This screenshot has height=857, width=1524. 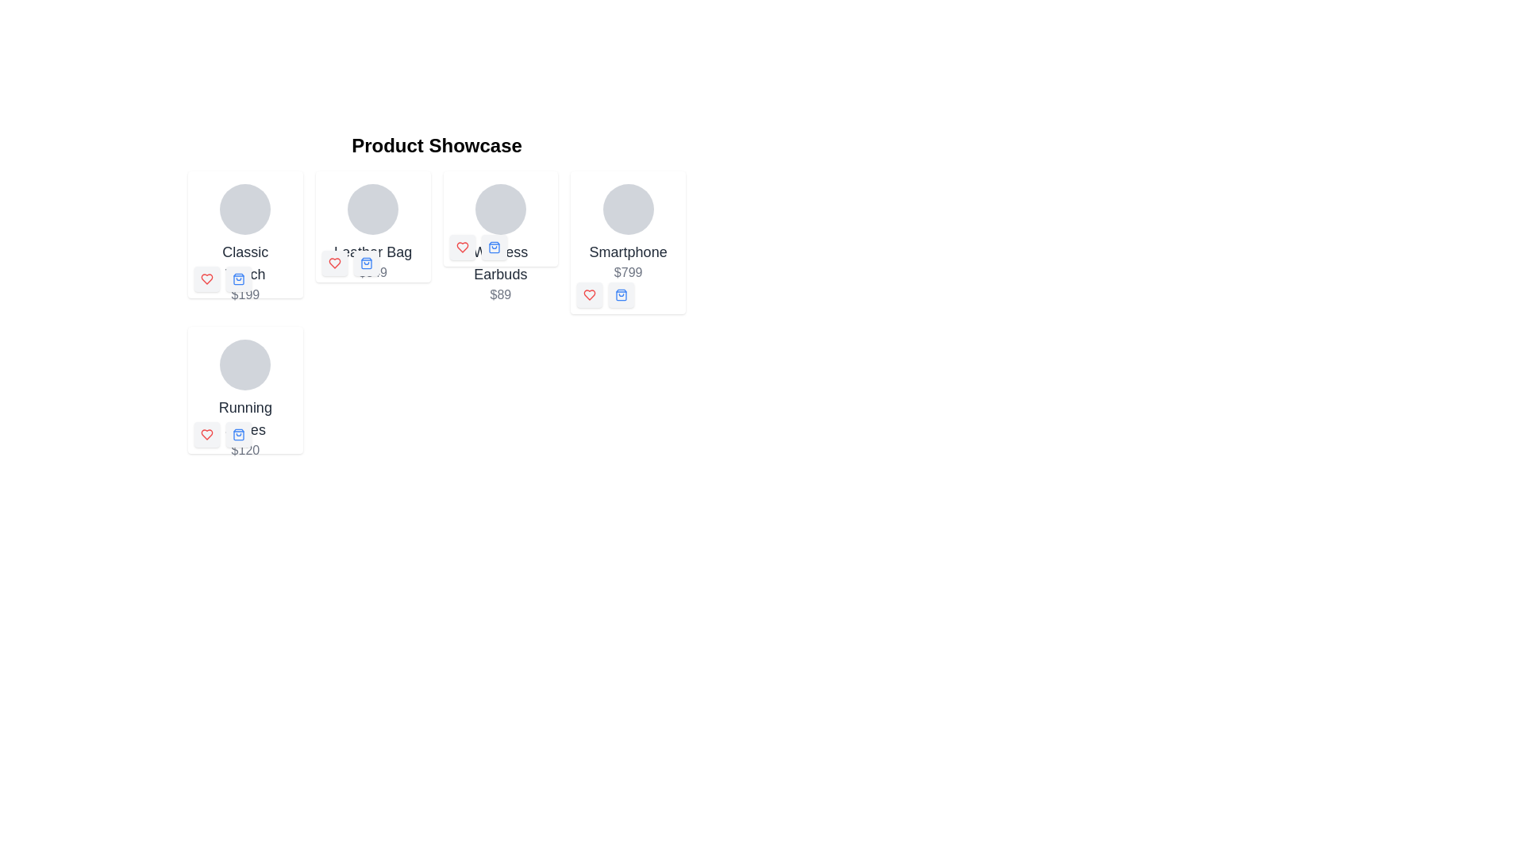 I want to click on the shopping bag icon in the dual icon group at the bottom-left corner of the 'Wireless Earbuds' product card, so click(x=477, y=248).